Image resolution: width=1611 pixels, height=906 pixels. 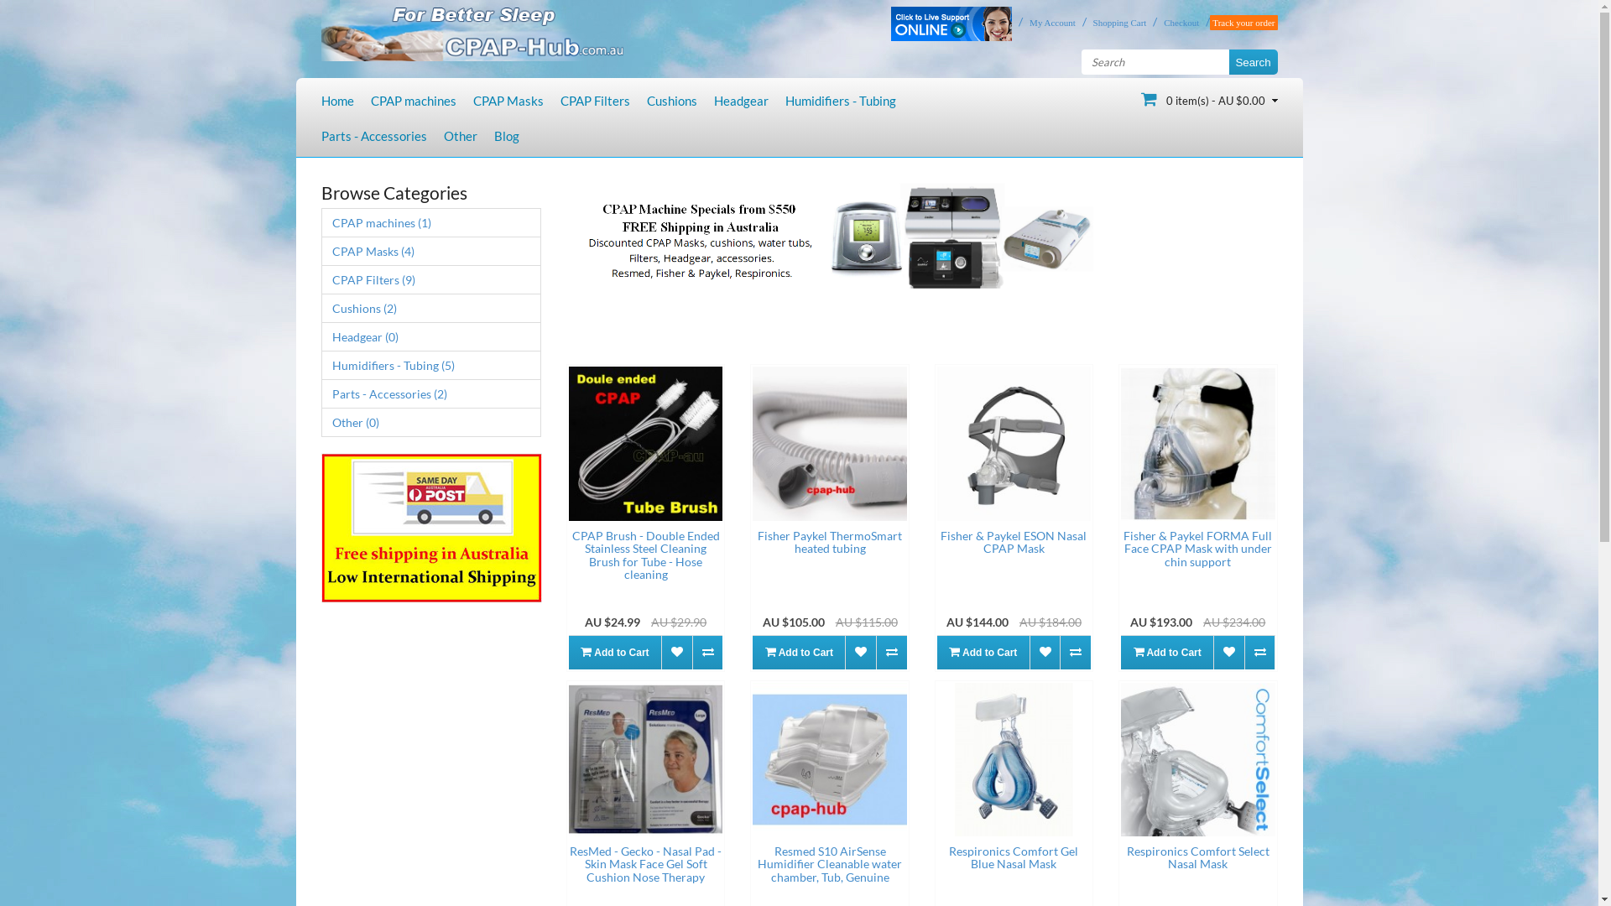 What do you see at coordinates (983, 652) in the screenshot?
I see `'Add to Cart'` at bounding box center [983, 652].